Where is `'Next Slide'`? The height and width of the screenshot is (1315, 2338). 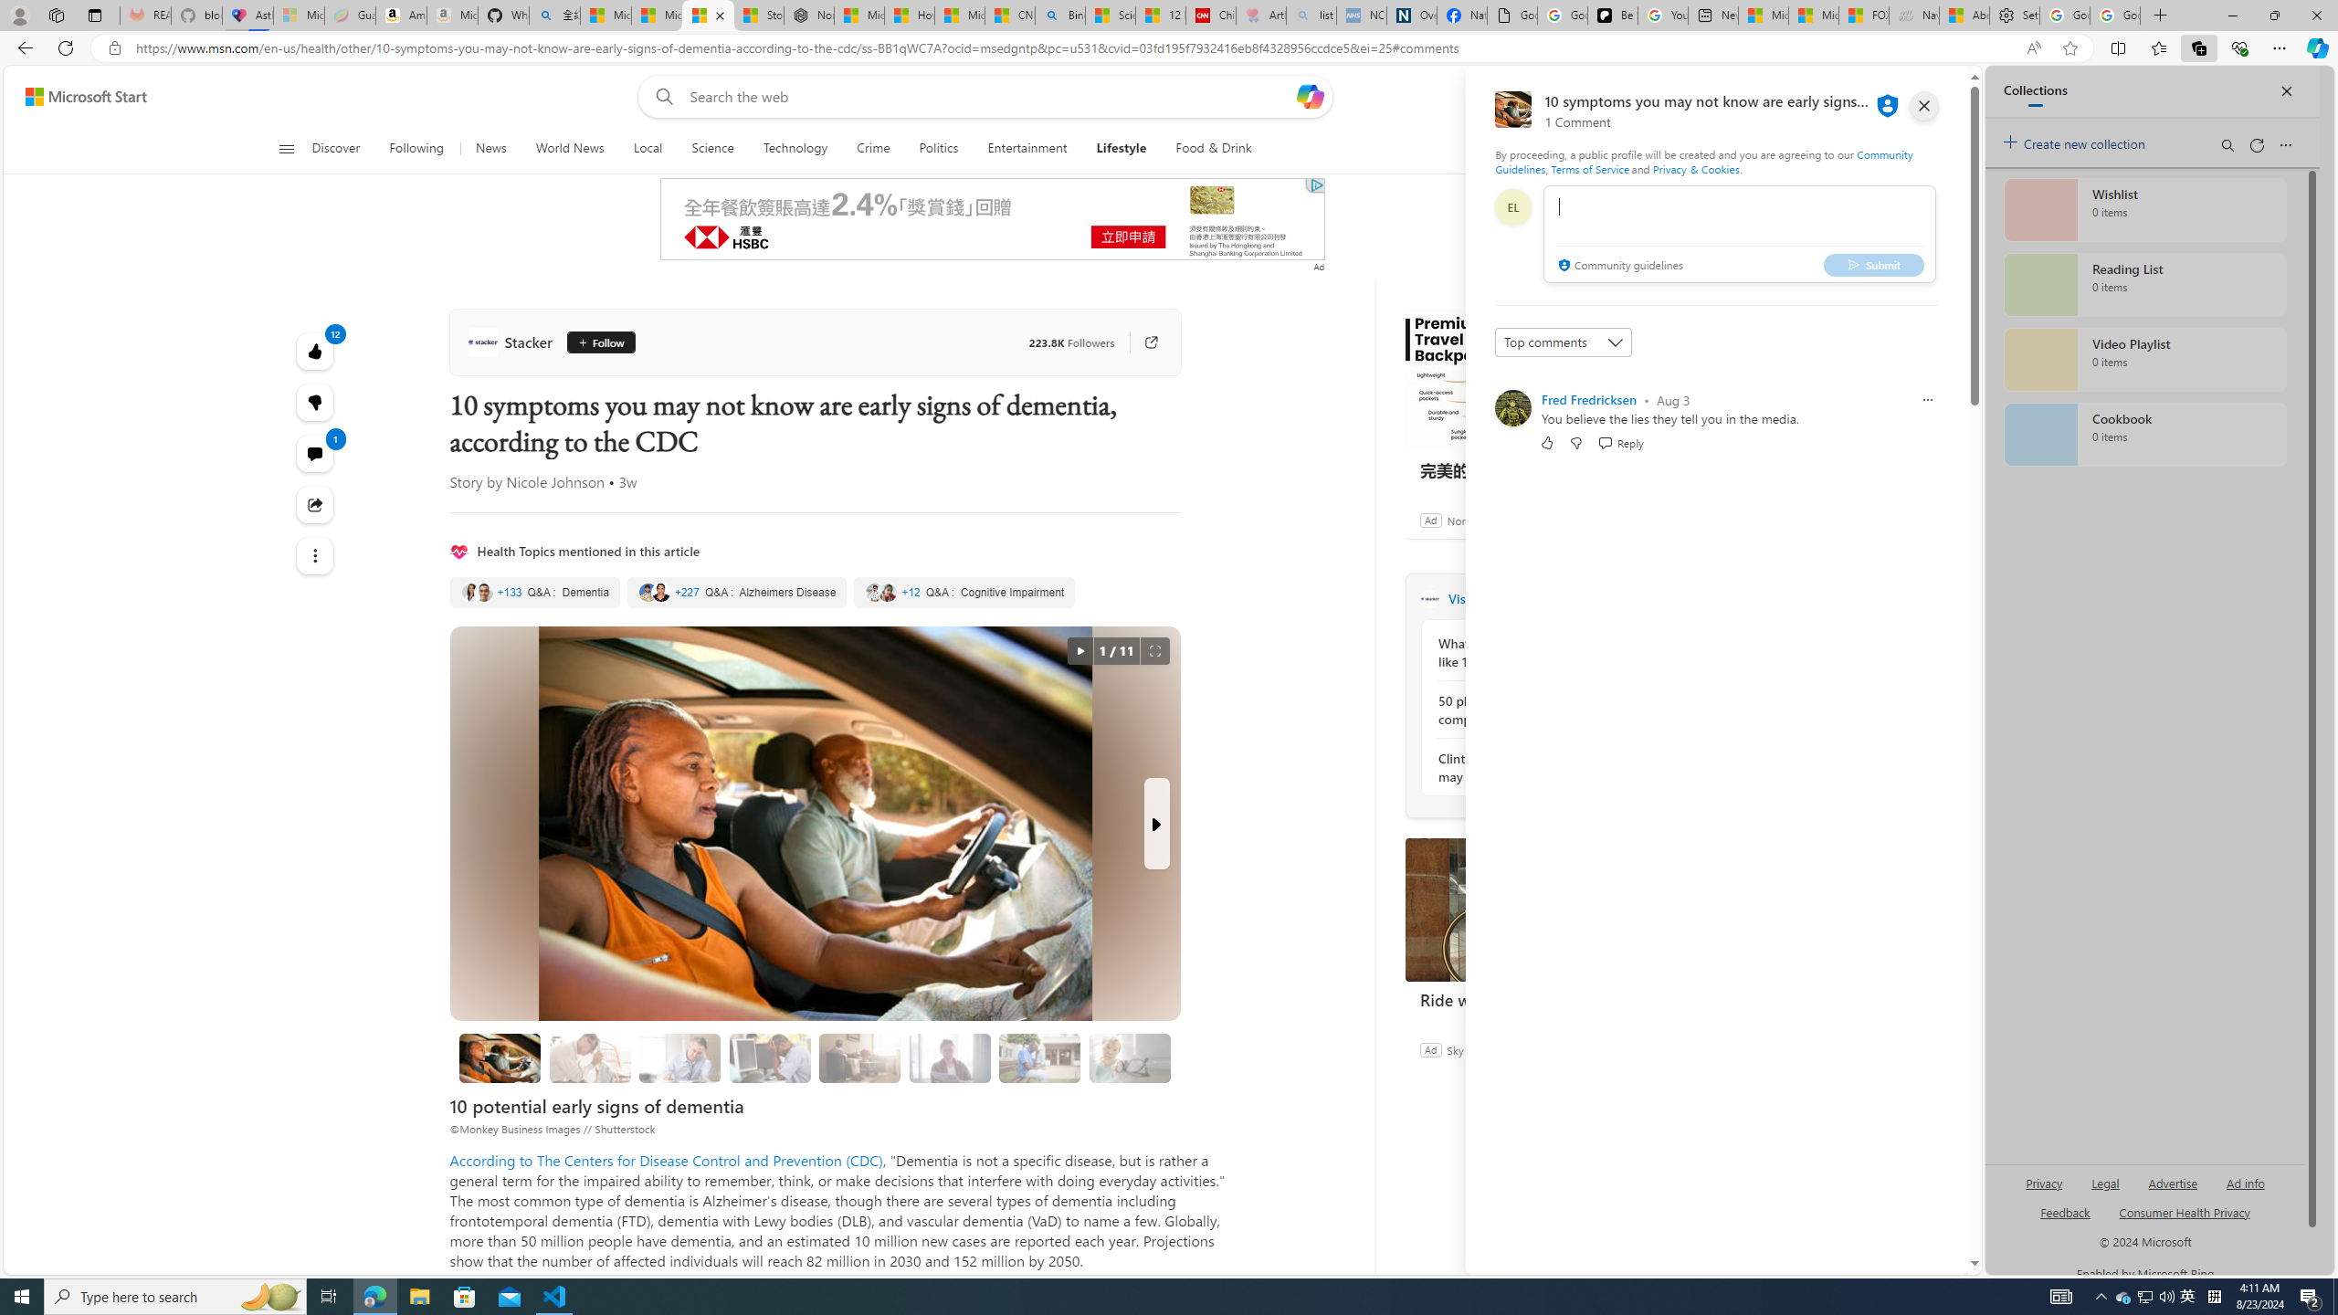
'Next Slide' is located at coordinates (1154, 823).